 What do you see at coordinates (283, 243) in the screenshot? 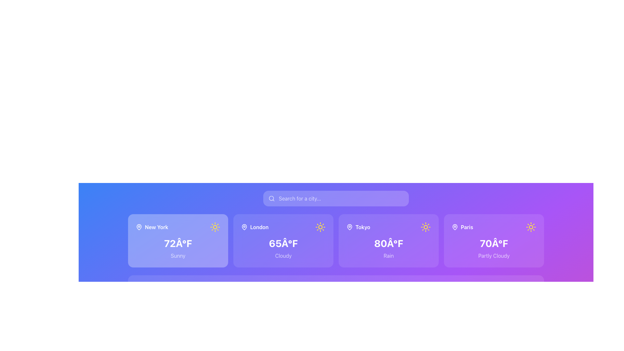
I see `the bold temperature display reading '65°F' within the weather card for London` at bounding box center [283, 243].